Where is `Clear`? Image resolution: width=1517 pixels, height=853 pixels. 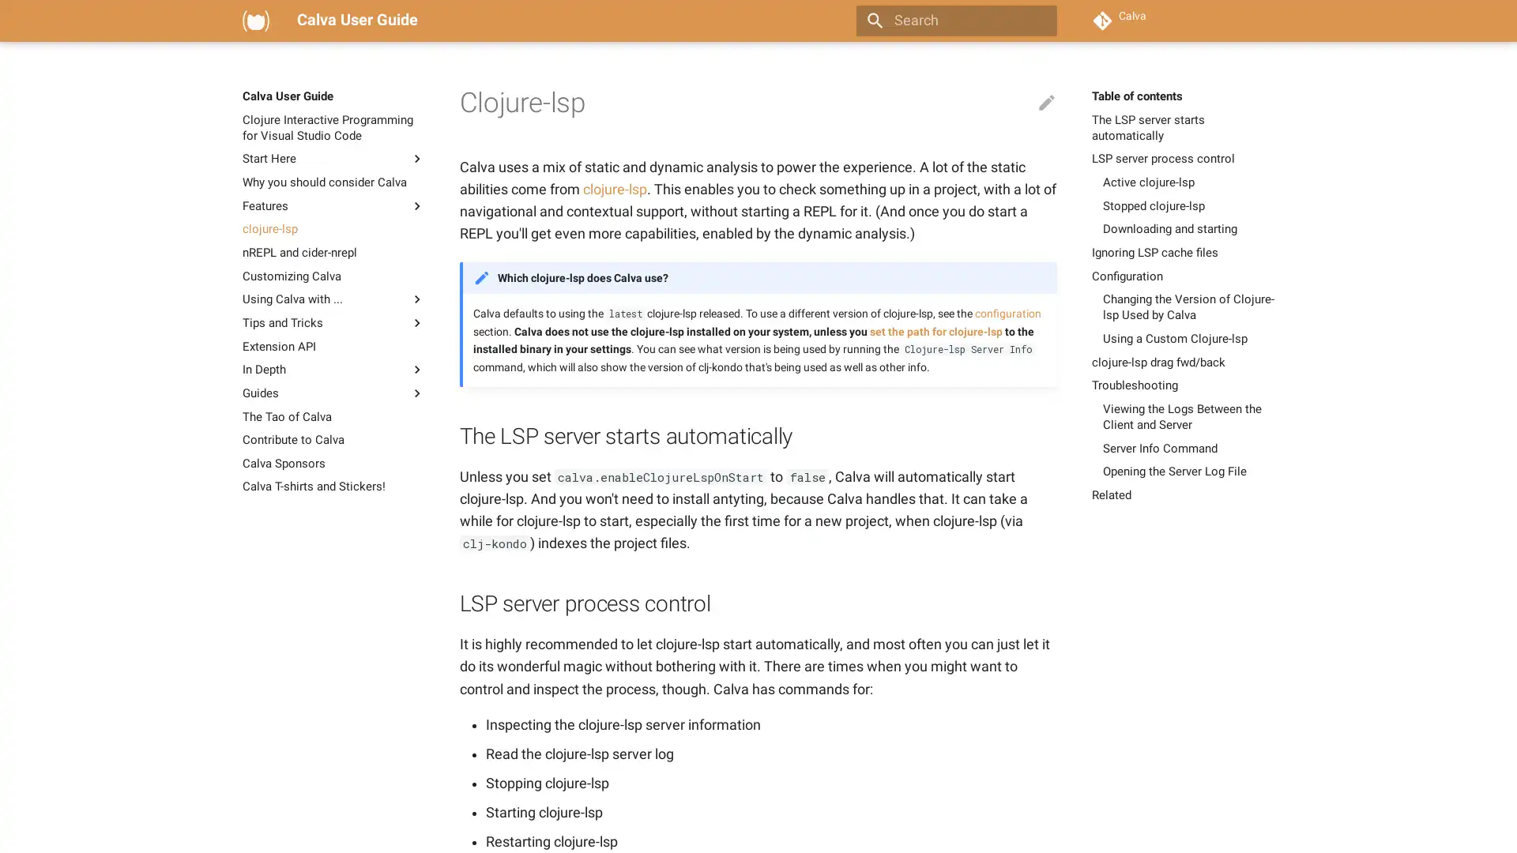 Clear is located at coordinates (1038, 21).